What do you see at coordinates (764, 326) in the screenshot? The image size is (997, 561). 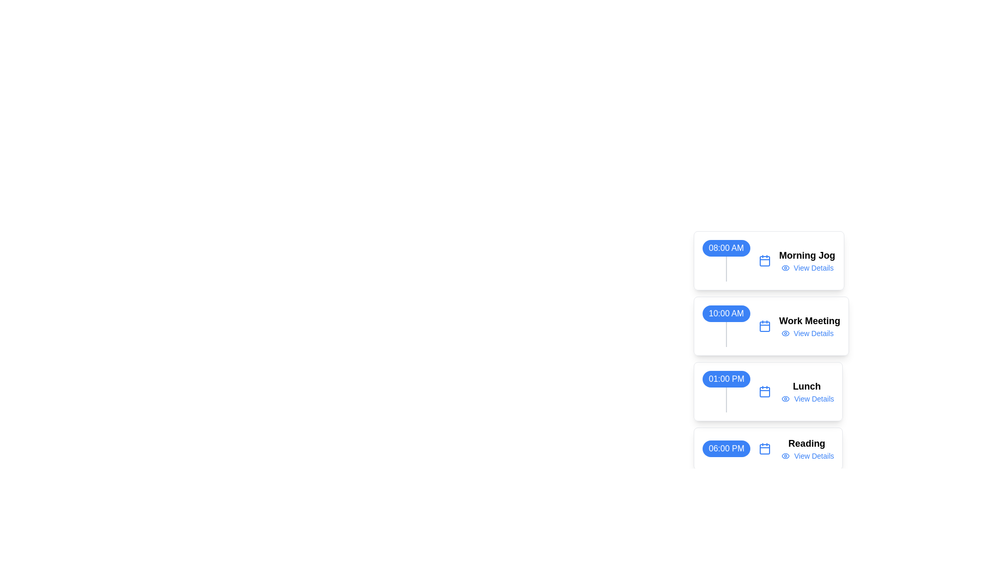 I see `the central calendar icon, which is a small rectangular graphic with rounded corners, to access details about the event` at bounding box center [764, 326].